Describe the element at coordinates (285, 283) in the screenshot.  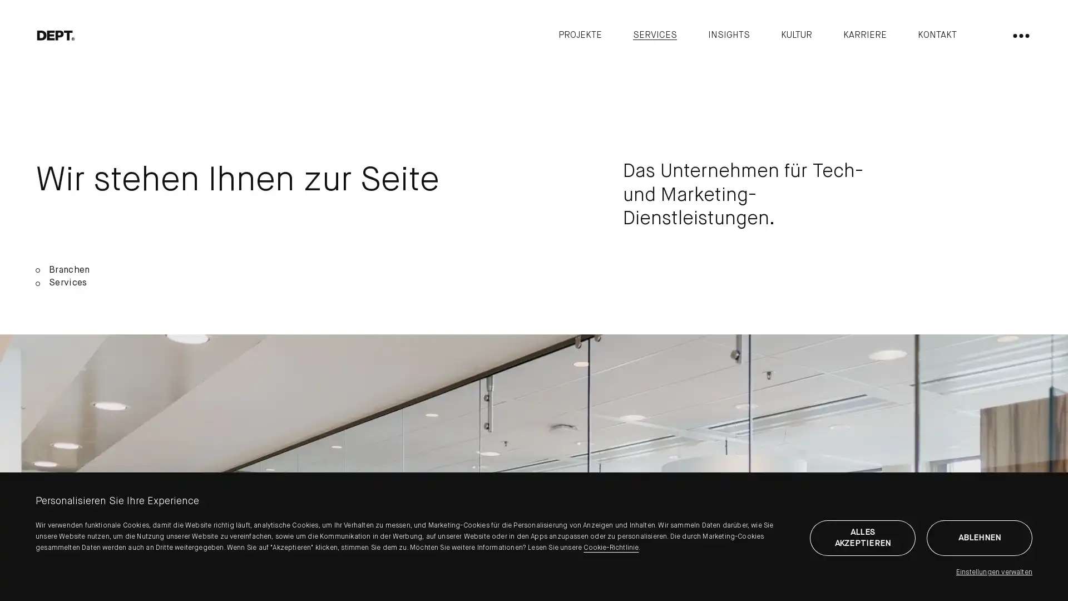
I see `Services` at that location.